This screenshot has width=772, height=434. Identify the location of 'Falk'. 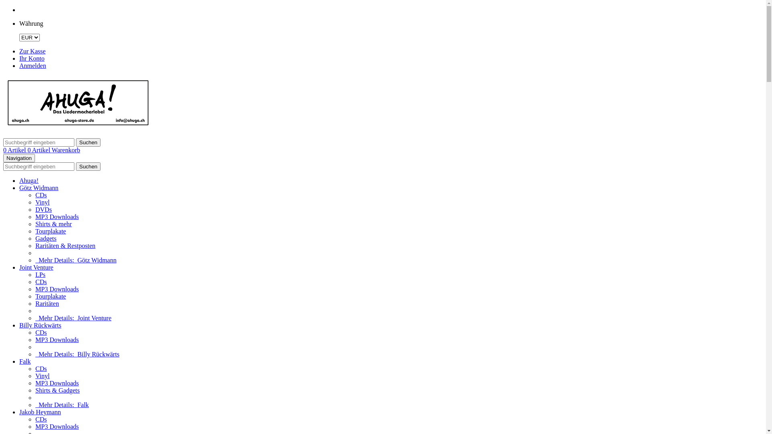
(25, 361).